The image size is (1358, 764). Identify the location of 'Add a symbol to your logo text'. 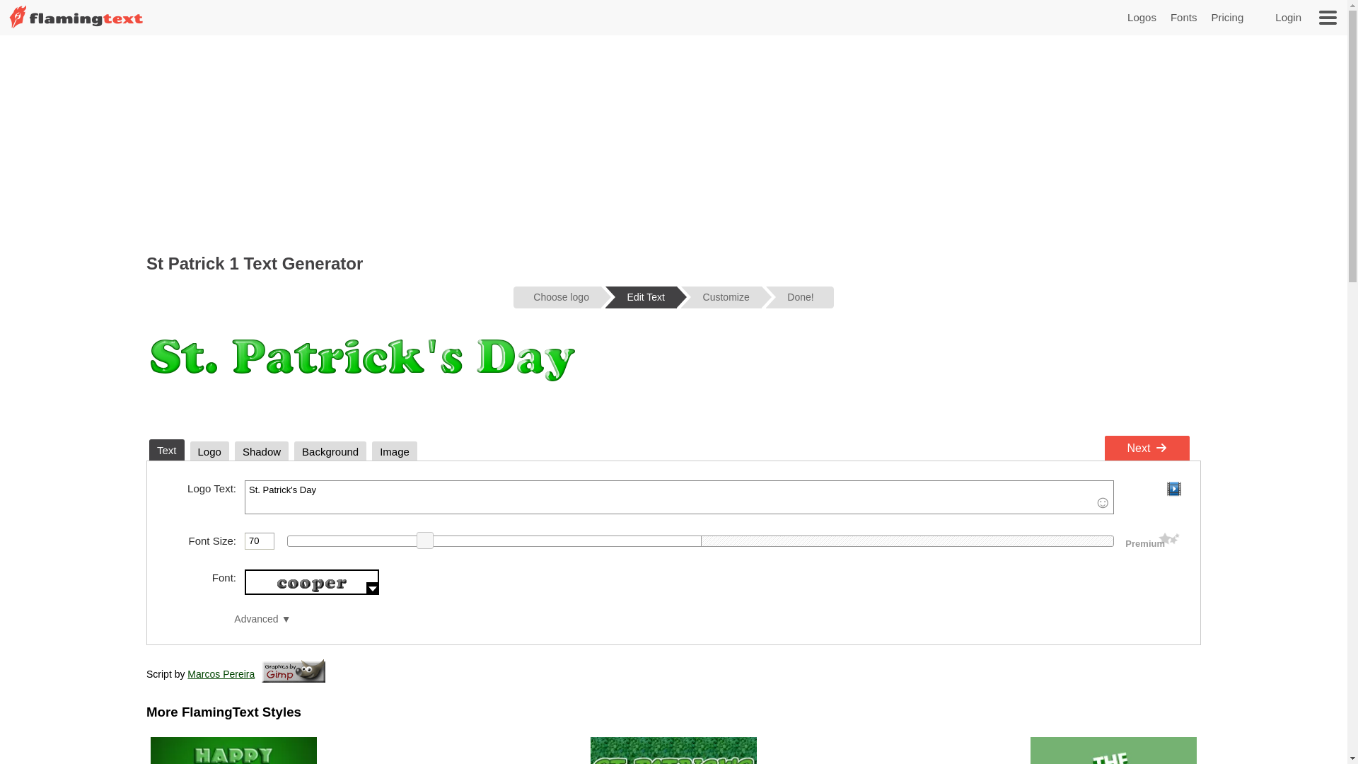
(1102, 502).